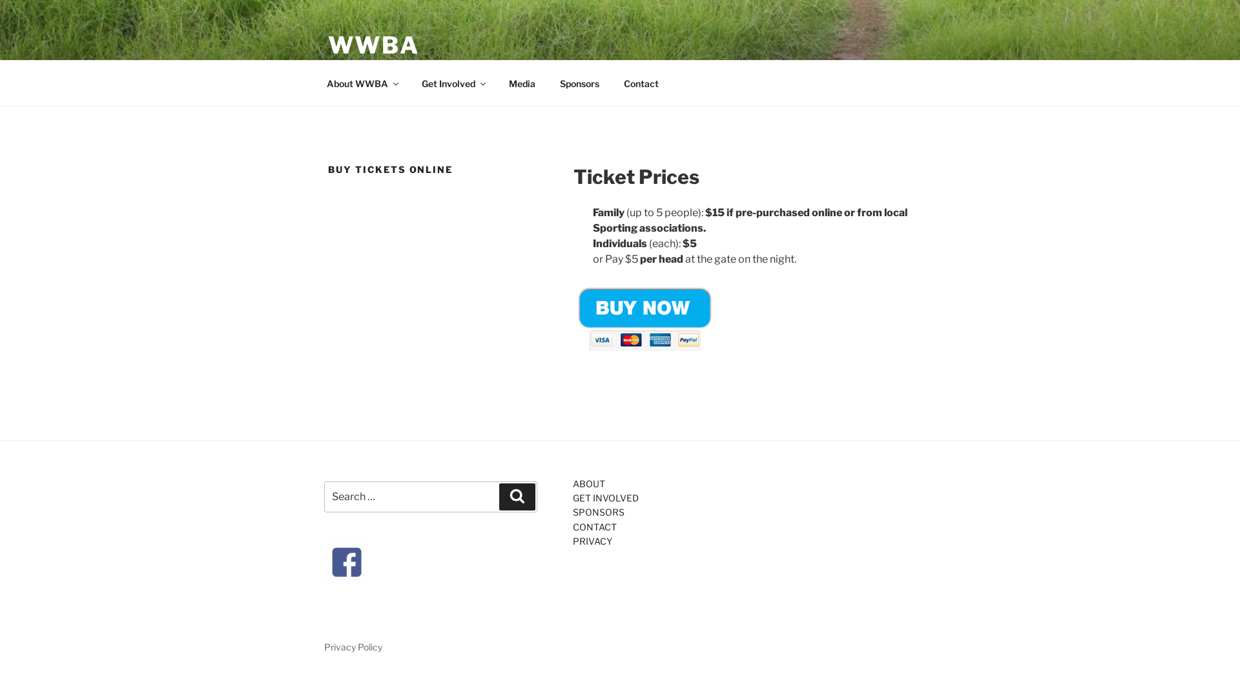 The image size is (1240, 697). What do you see at coordinates (588, 483) in the screenshot?
I see `'ABOUT'` at bounding box center [588, 483].